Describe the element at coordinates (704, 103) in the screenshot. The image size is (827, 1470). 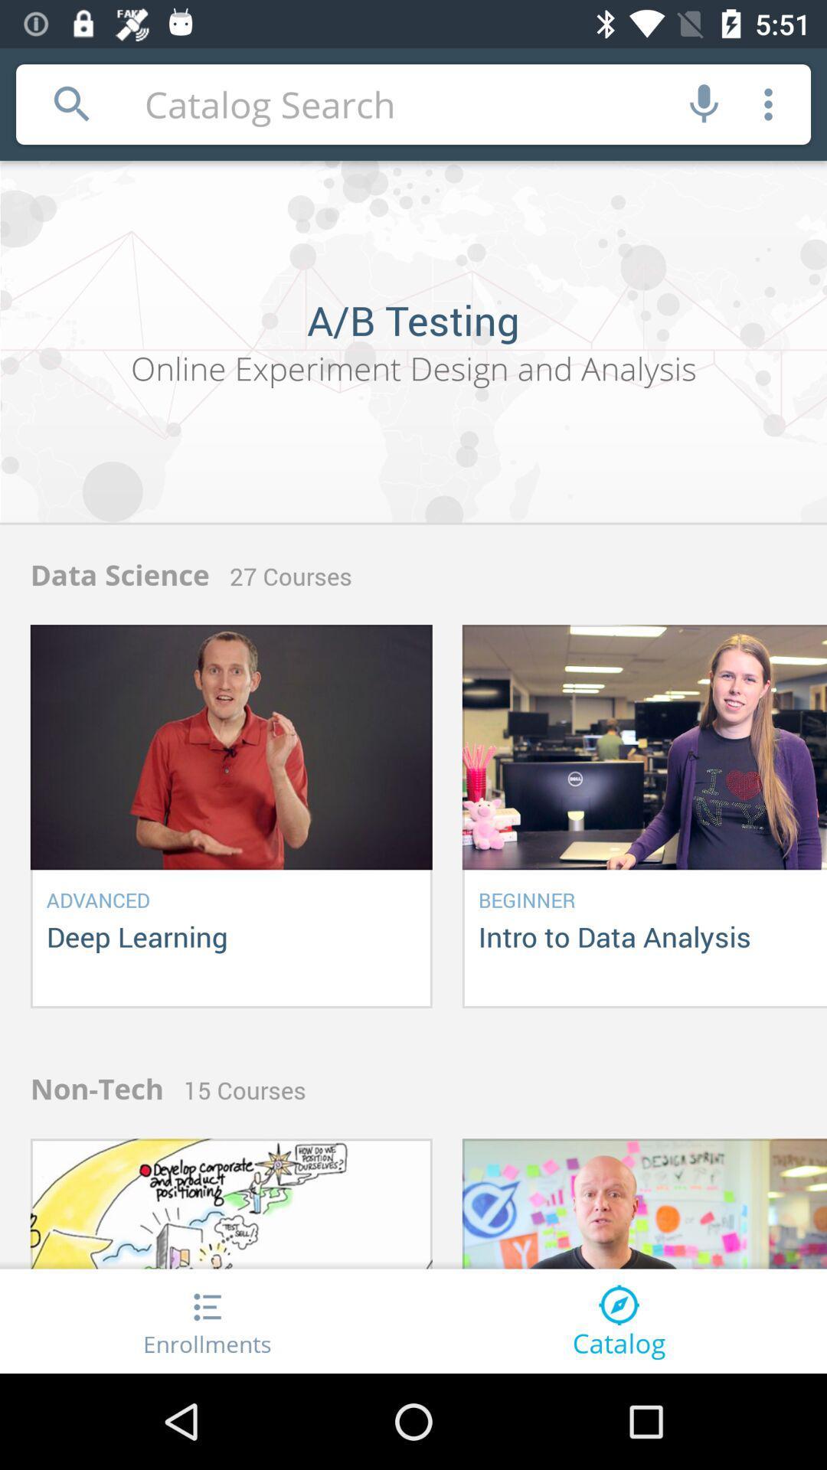
I see `speech to text mode` at that location.